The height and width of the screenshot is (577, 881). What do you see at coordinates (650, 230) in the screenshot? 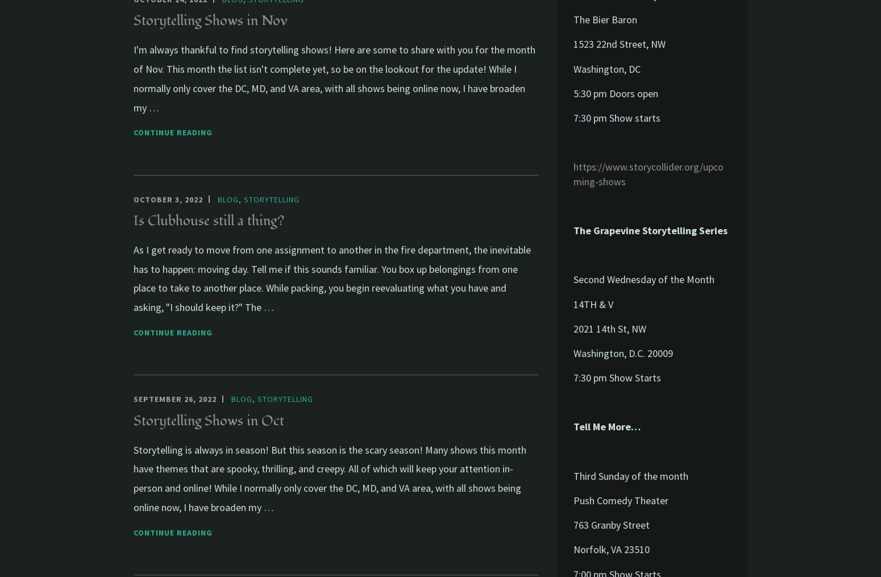
I see `'The Grapevine Storytelling Series'` at bounding box center [650, 230].